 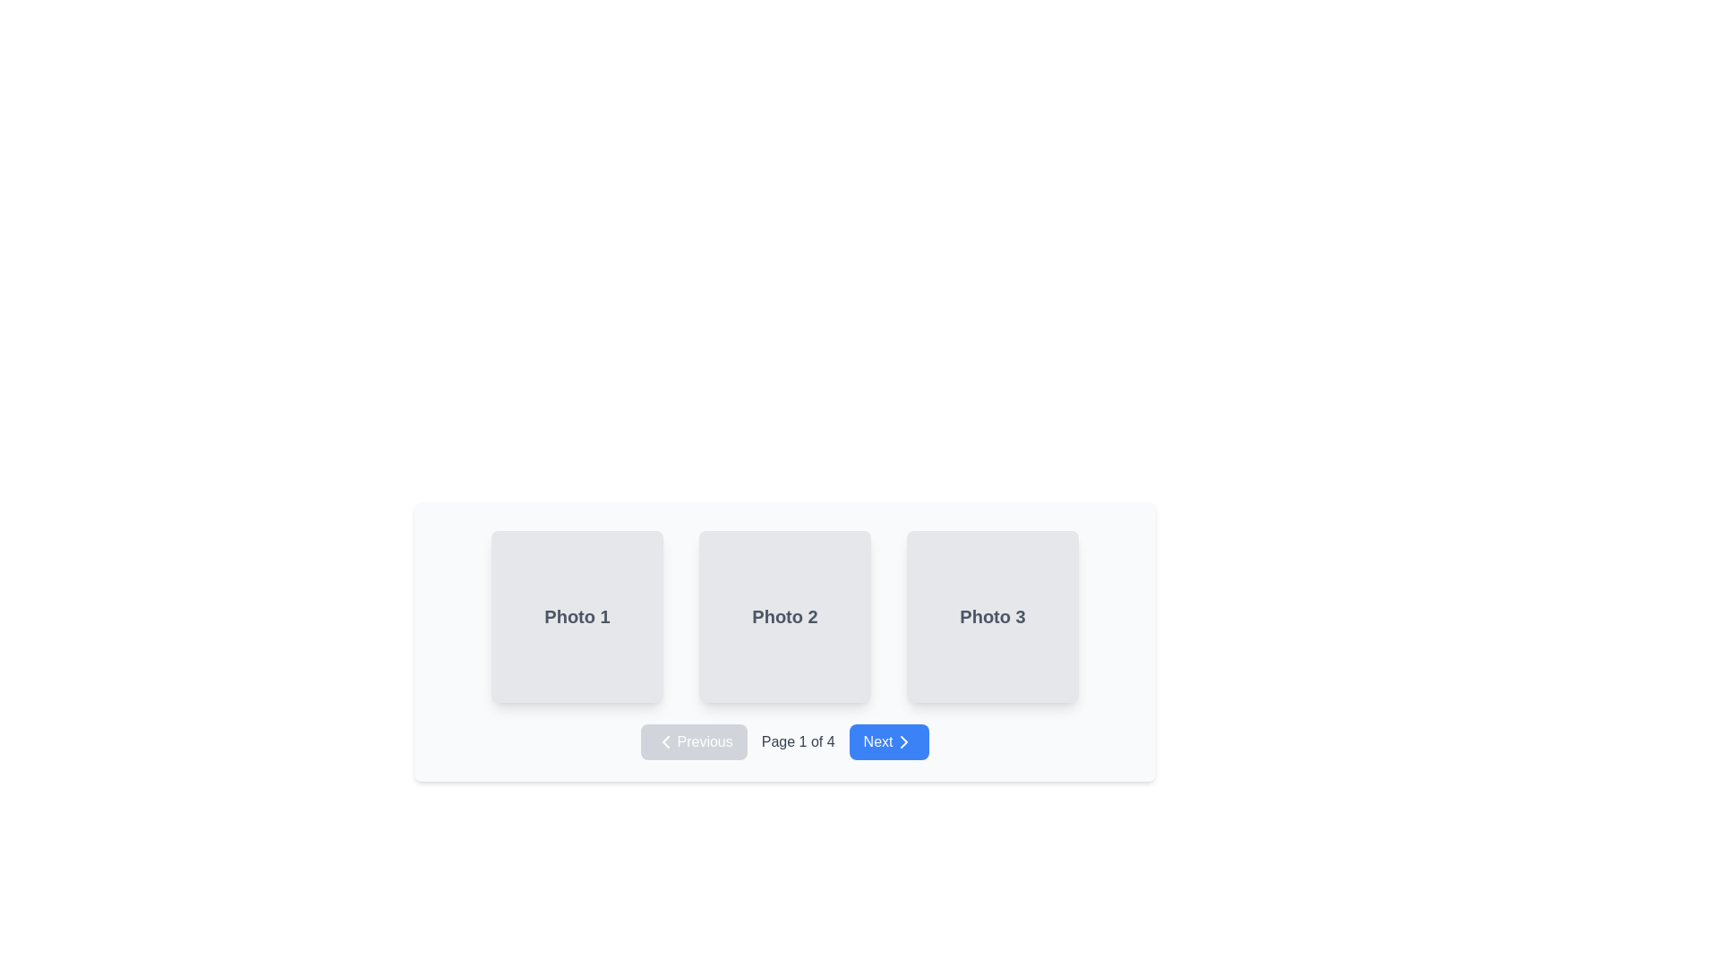 What do you see at coordinates (693, 742) in the screenshot?
I see `the navigation button on the left side of the pagination controls` at bounding box center [693, 742].